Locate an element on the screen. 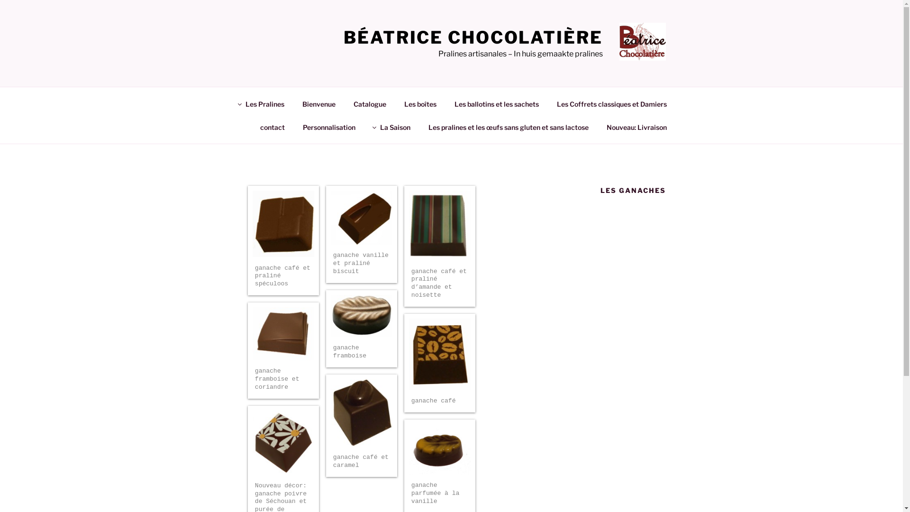  'Les Pralines' is located at coordinates (261, 103).